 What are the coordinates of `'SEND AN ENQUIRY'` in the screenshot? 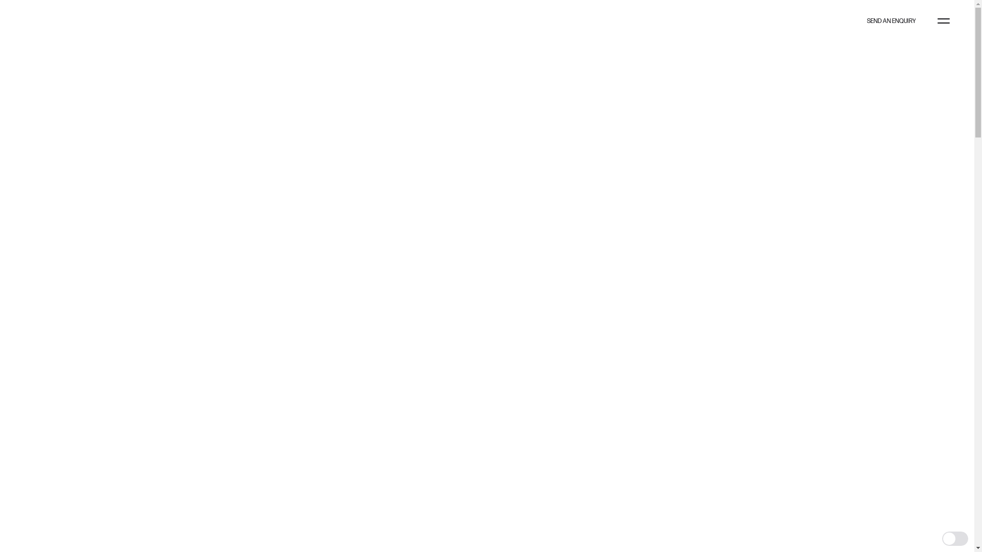 It's located at (890, 21).